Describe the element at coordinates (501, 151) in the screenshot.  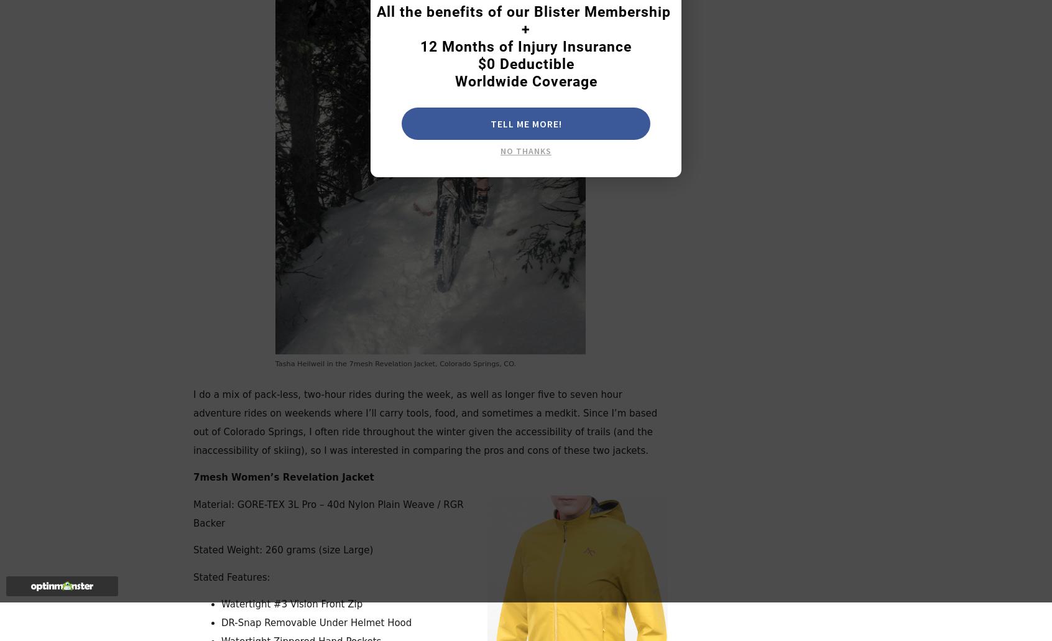
I see `'No Thanks'` at that location.